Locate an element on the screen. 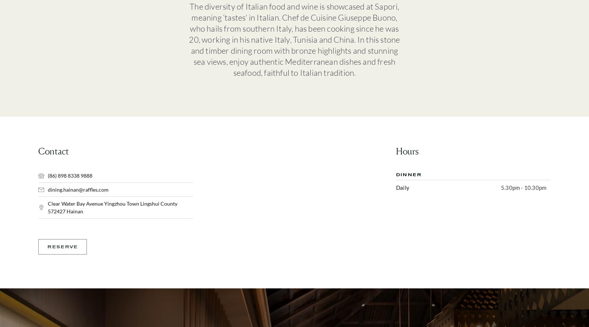  'Careers' is located at coordinates (350, 148).